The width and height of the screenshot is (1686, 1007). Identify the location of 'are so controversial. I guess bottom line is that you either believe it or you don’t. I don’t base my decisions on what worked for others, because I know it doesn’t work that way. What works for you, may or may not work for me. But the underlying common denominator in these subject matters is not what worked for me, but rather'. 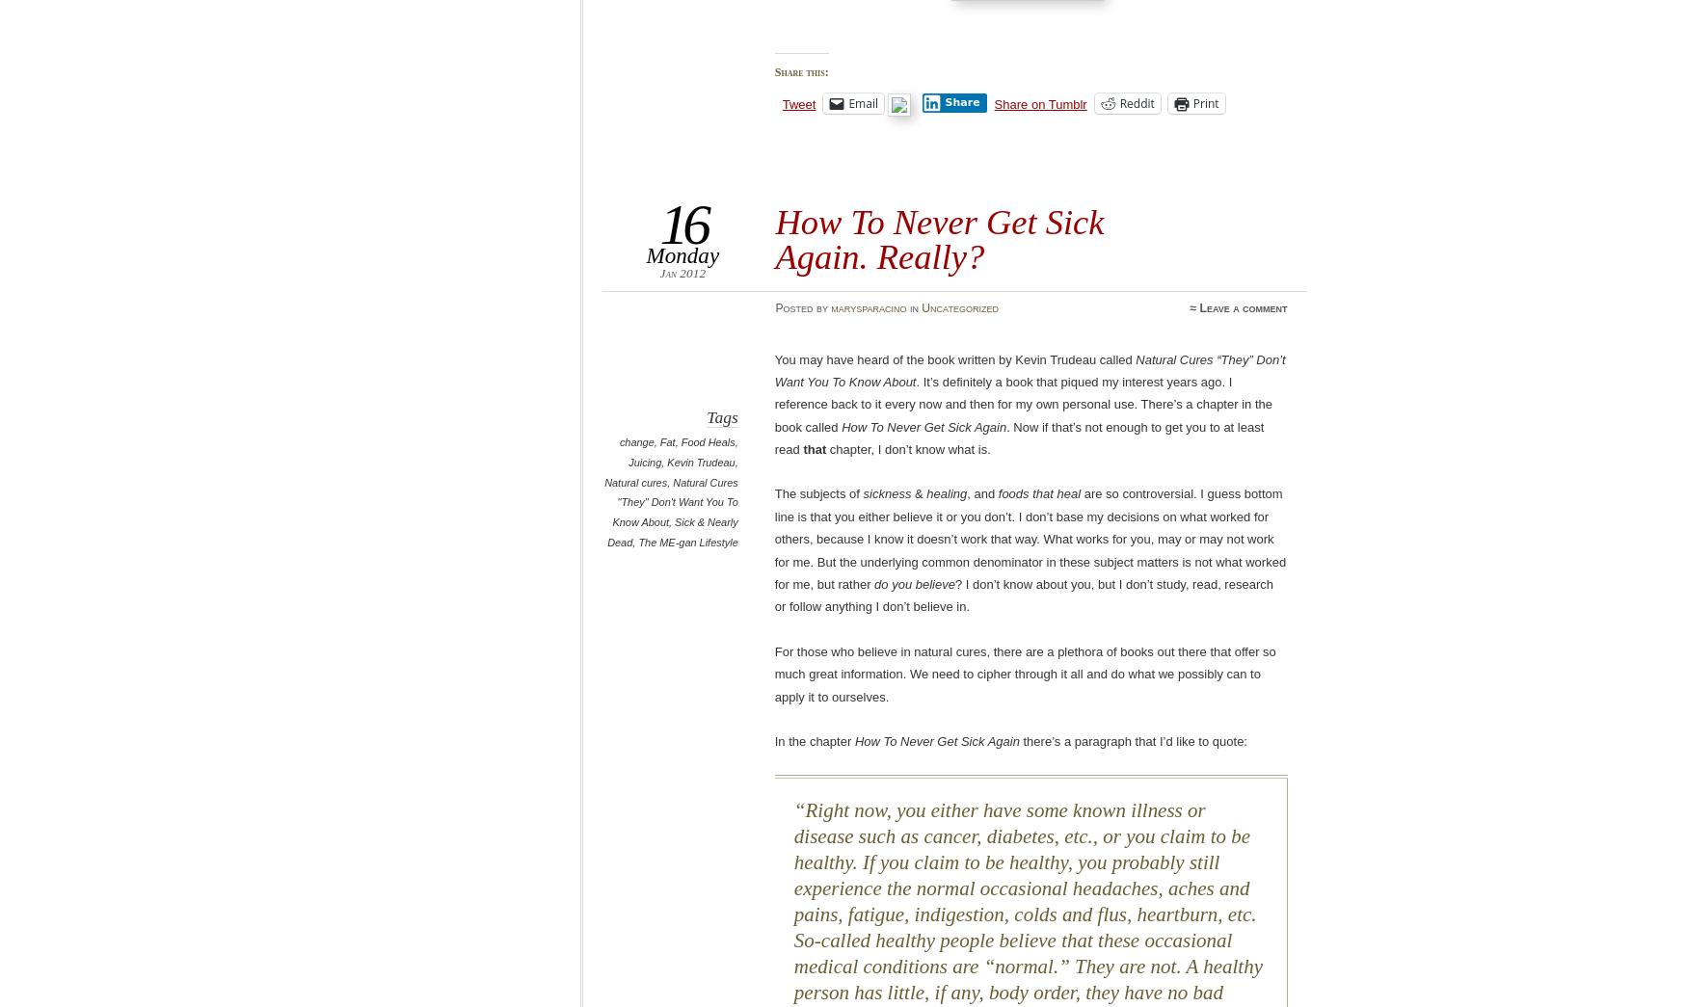
(1030, 539).